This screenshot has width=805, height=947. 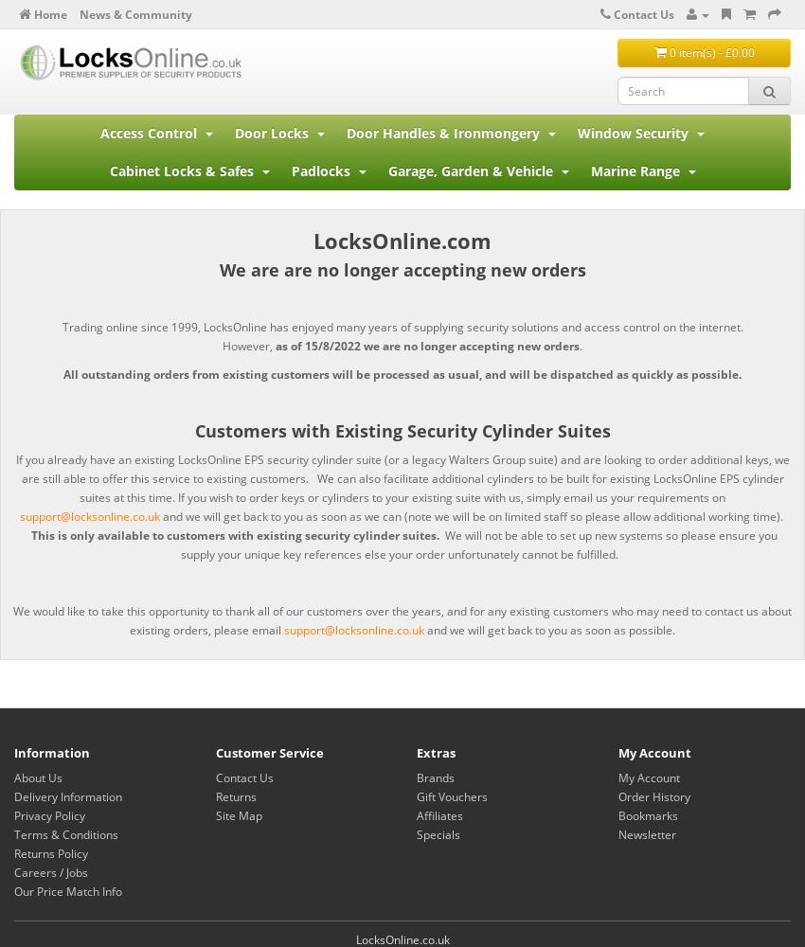 What do you see at coordinates (322, 170) in the screenshot?
I see `'Padlocks'` at bounding box center [322, 170].